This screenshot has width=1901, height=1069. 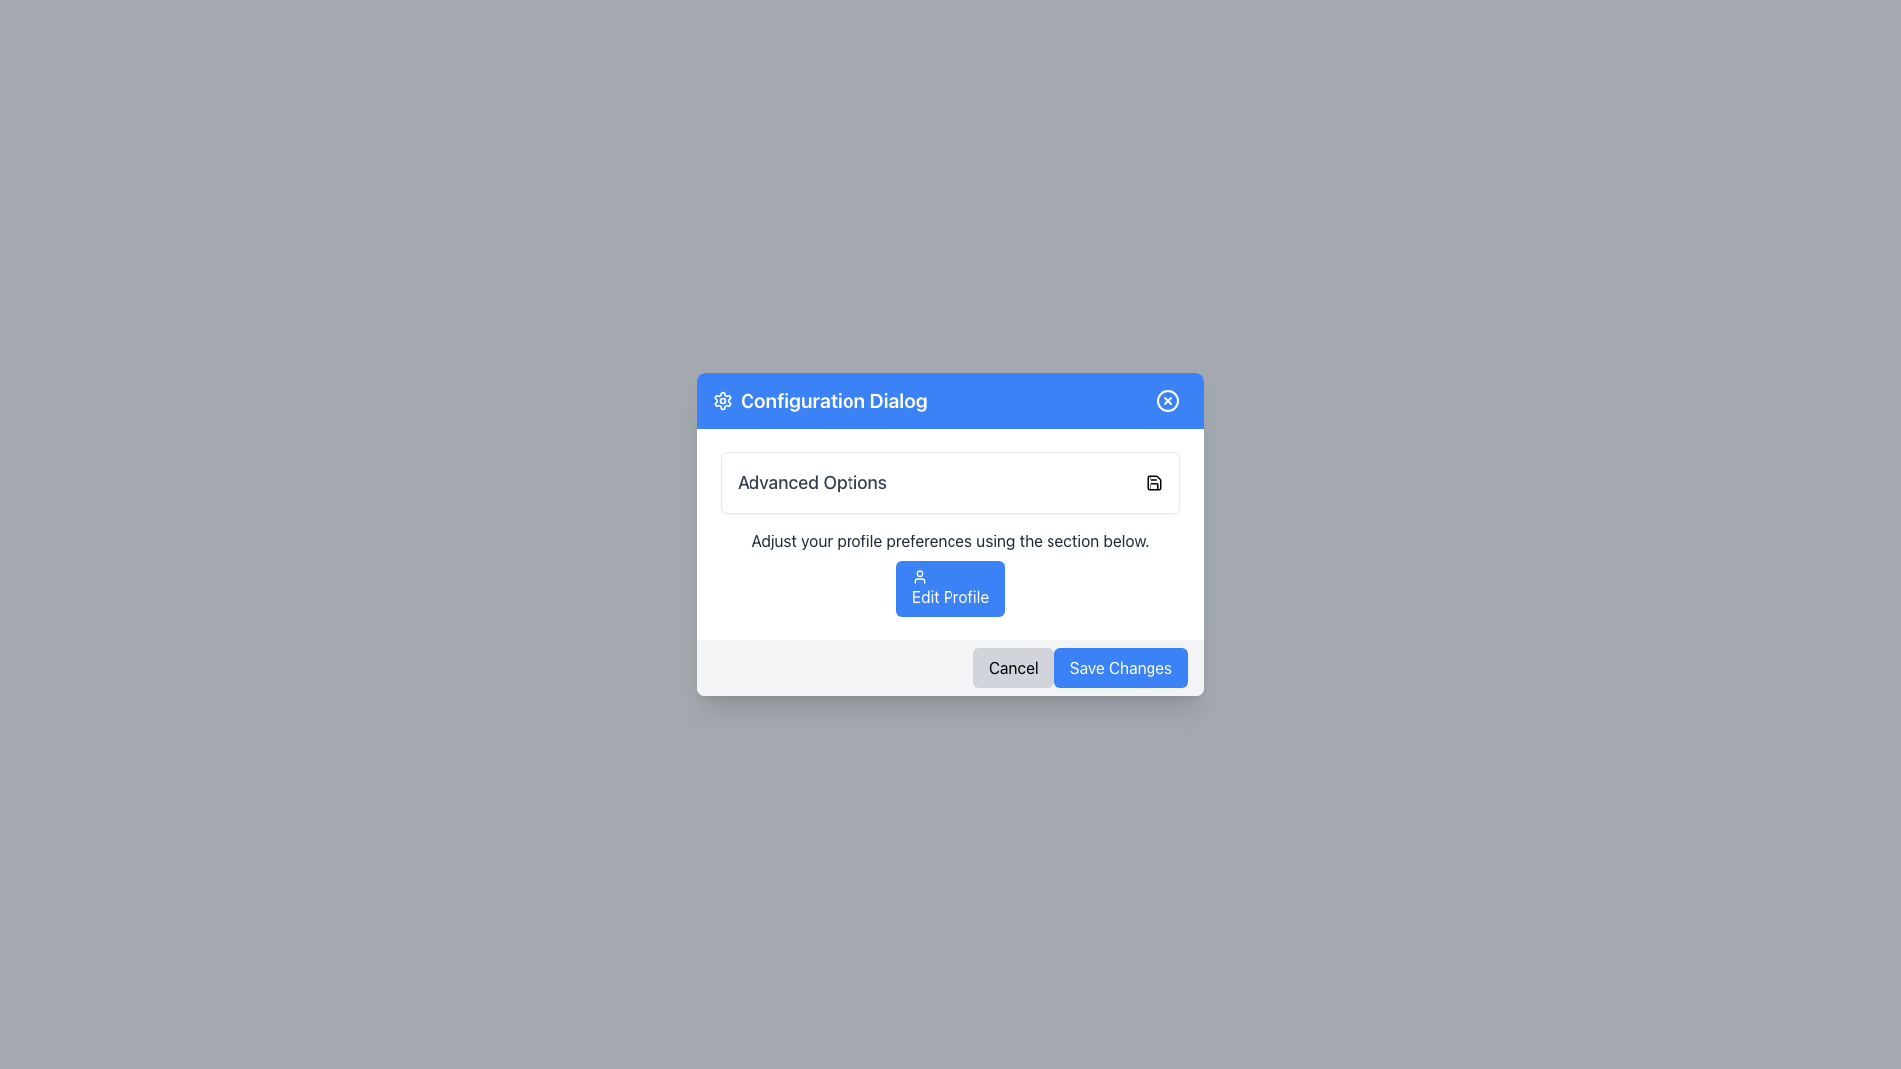 I want to click on the 'Edit Profile' button located within the 'Configuration Dialog' below the 'Advanced Options' section to initiate the profile editing process, so click(x=950, y=572).